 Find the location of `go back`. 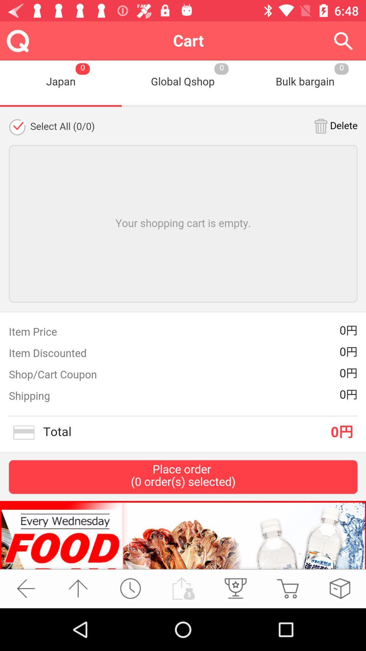

go back is located at coordinates (25, 588).